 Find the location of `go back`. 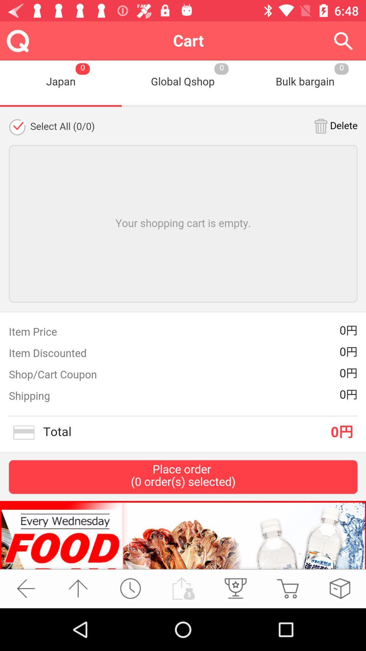

go back is located at coordinates (25, 588).